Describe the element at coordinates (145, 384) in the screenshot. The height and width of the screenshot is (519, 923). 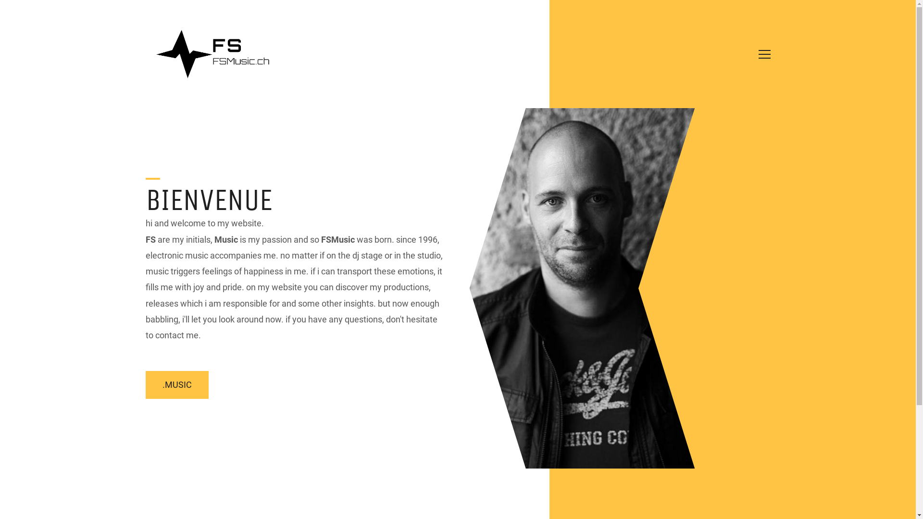
I see `'.MUSIC'` at that location.